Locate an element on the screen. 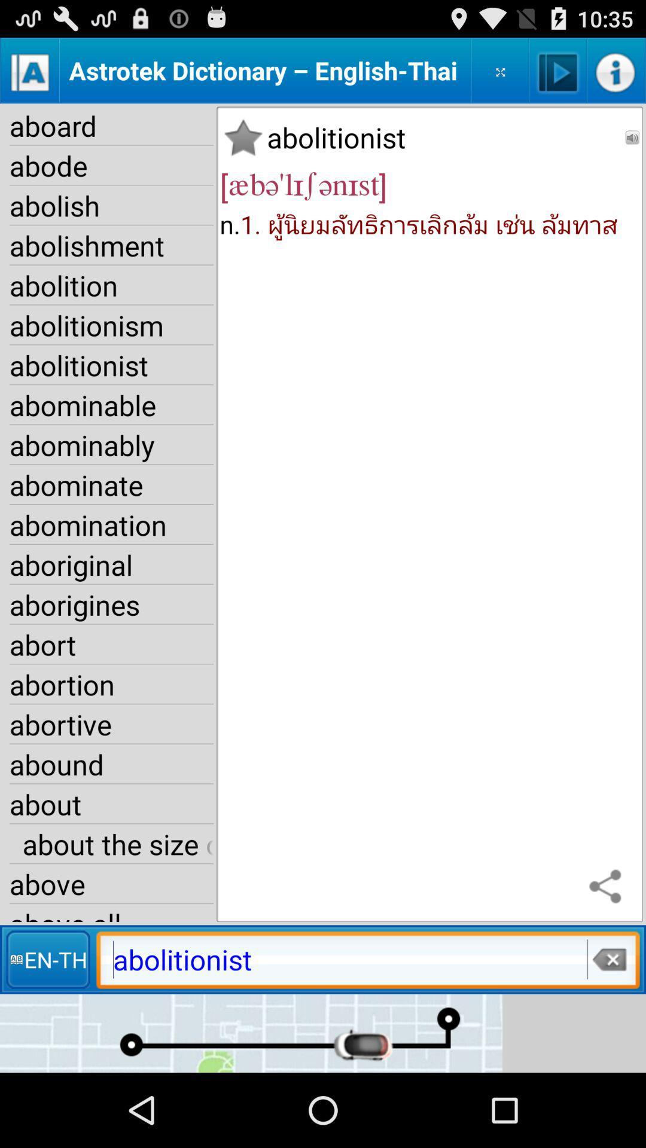  the volume icon is located at coordinates (632, 146).